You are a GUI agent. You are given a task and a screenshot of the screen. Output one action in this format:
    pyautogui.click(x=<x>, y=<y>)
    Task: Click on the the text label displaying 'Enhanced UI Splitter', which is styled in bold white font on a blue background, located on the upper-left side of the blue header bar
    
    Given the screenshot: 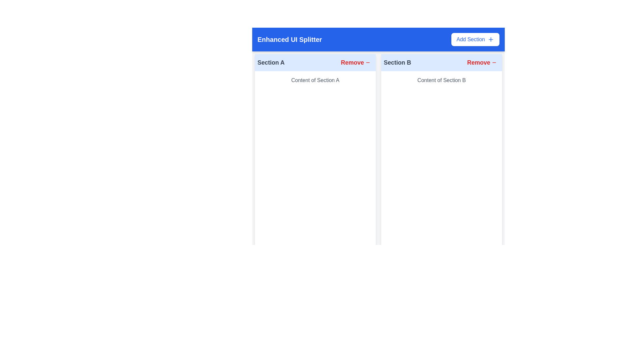 What is the action you would take?
    pyautogui.click(x=289, y=39)
    